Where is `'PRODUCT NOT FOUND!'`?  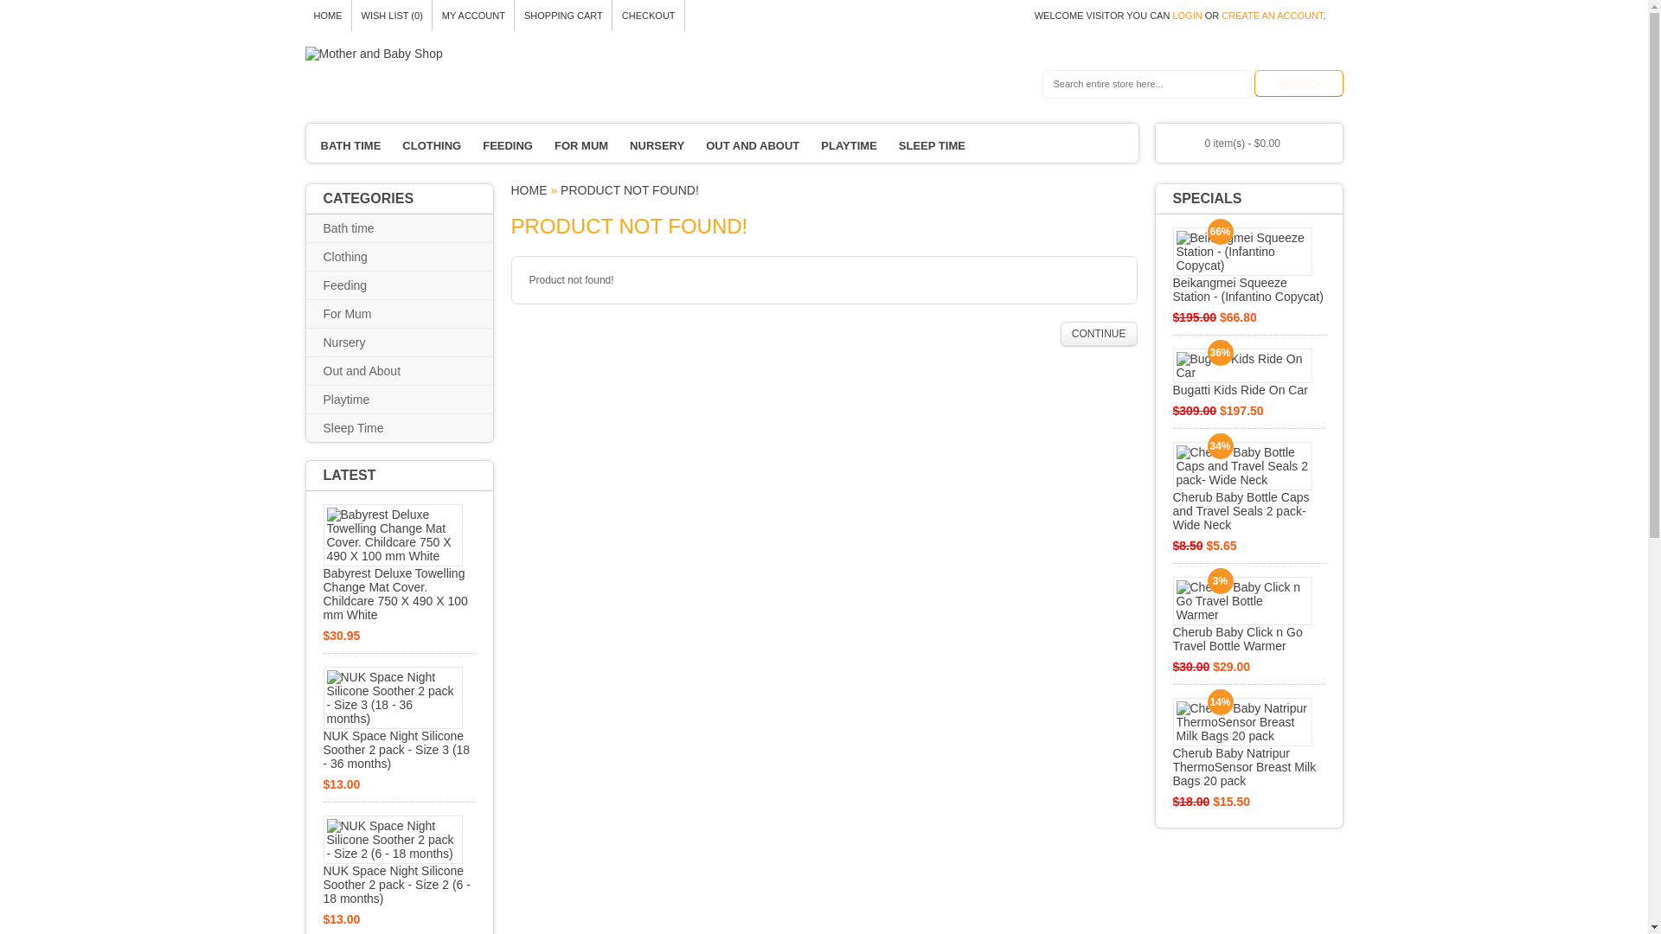
'PRODUCT NOT FOUND!' is located at coordinates (629, 189).